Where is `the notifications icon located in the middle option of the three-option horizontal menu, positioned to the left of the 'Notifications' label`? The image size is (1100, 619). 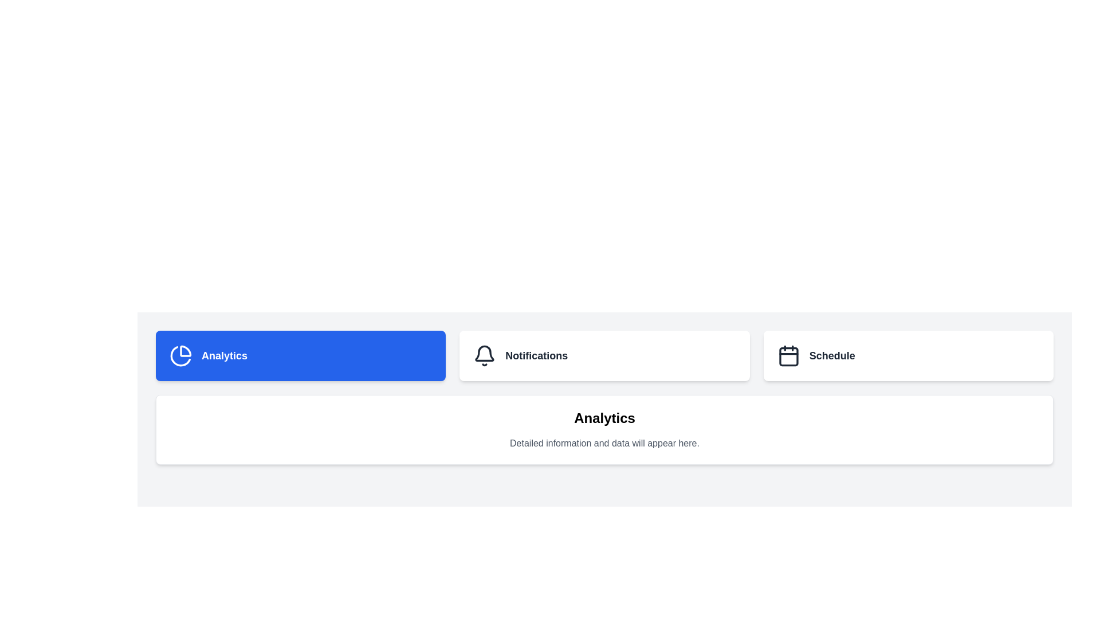
the notifications icon located in the middle option of the three-option horizontal menu, positioned to the left of the 'Notifications' label is located at coordinates (485, 355).